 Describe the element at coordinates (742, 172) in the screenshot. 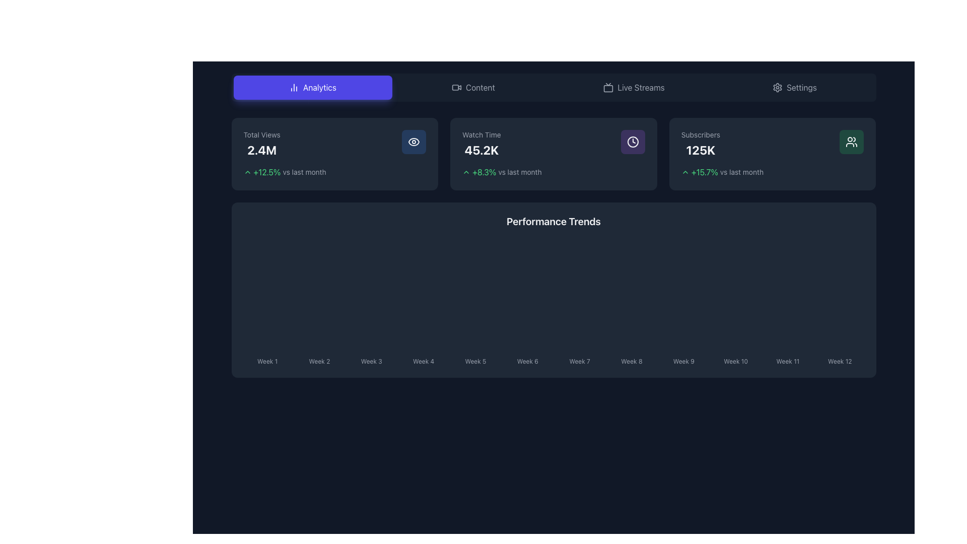

I see `the text label displaying 'vs last month', which is located in the top-right section of the data card, adjacent to the green percentage indication '+15.7%'` at that location.